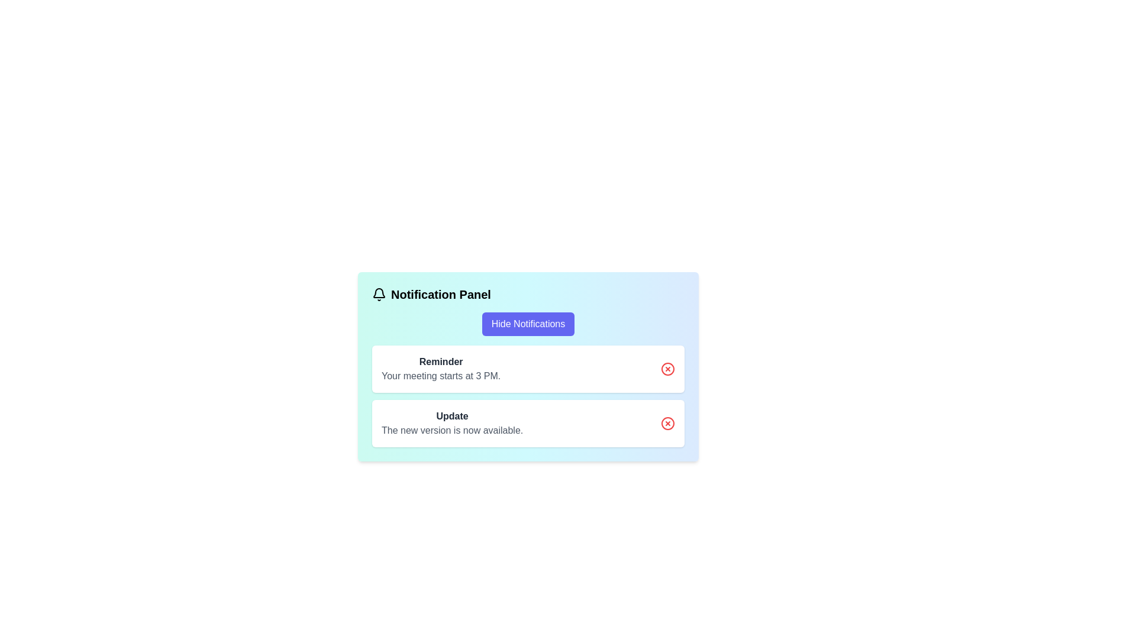 The height and width of the screenshot is (639, 1136). What do you see at coordinates (527, 324) in the screenshot?
I see `the button in the Notification Panel that allows users to hide notifications, to visualize its hover effects` at bounding box center [527, 324].